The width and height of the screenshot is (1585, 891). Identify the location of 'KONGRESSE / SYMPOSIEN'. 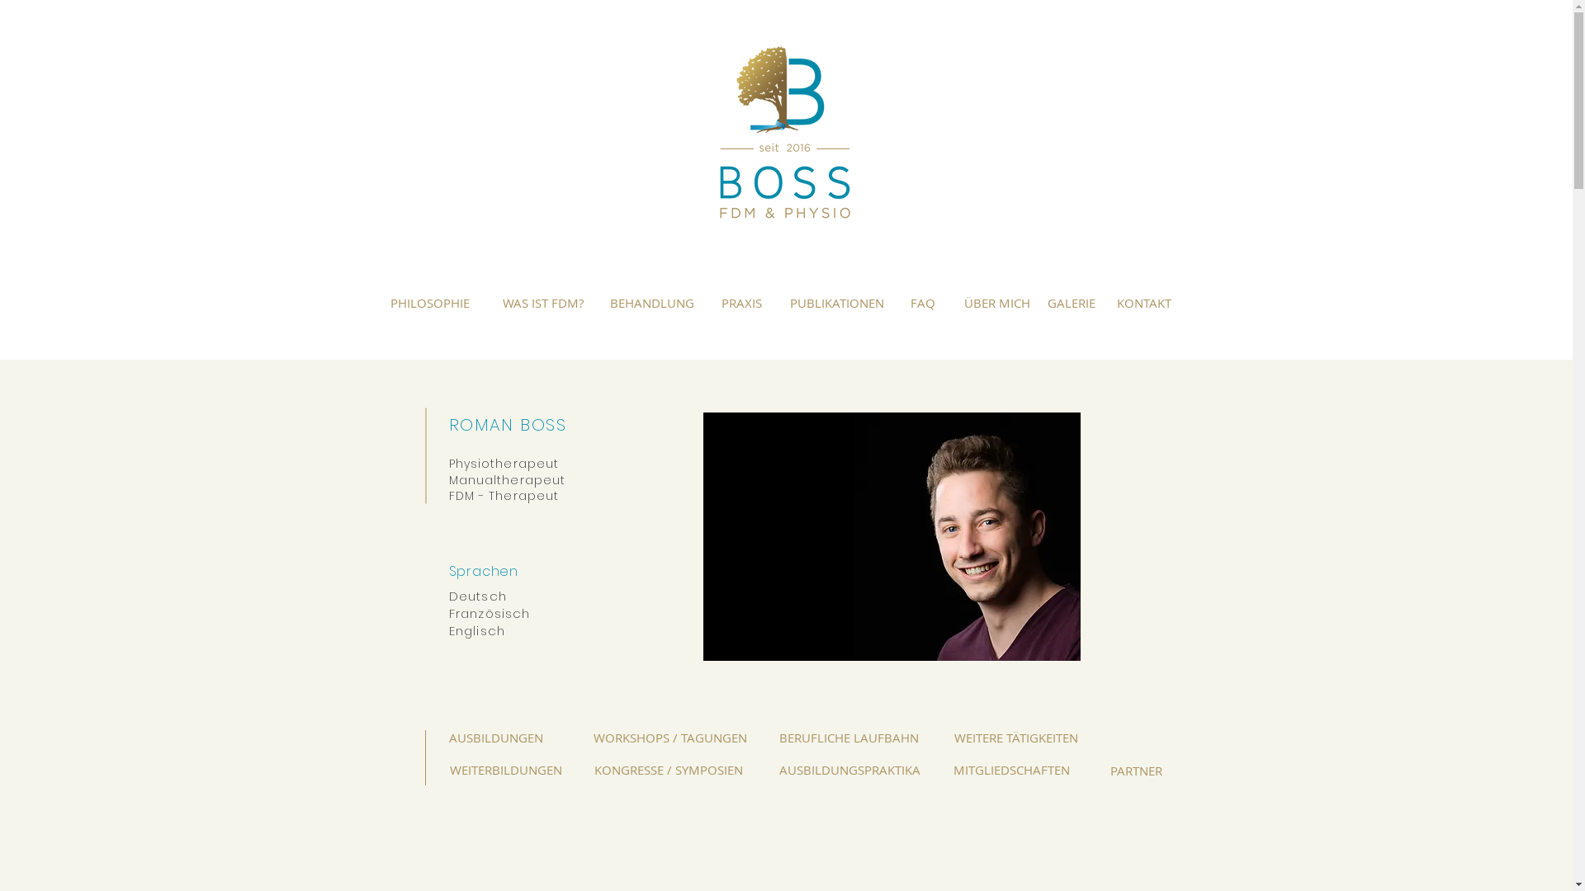
(593, 770).